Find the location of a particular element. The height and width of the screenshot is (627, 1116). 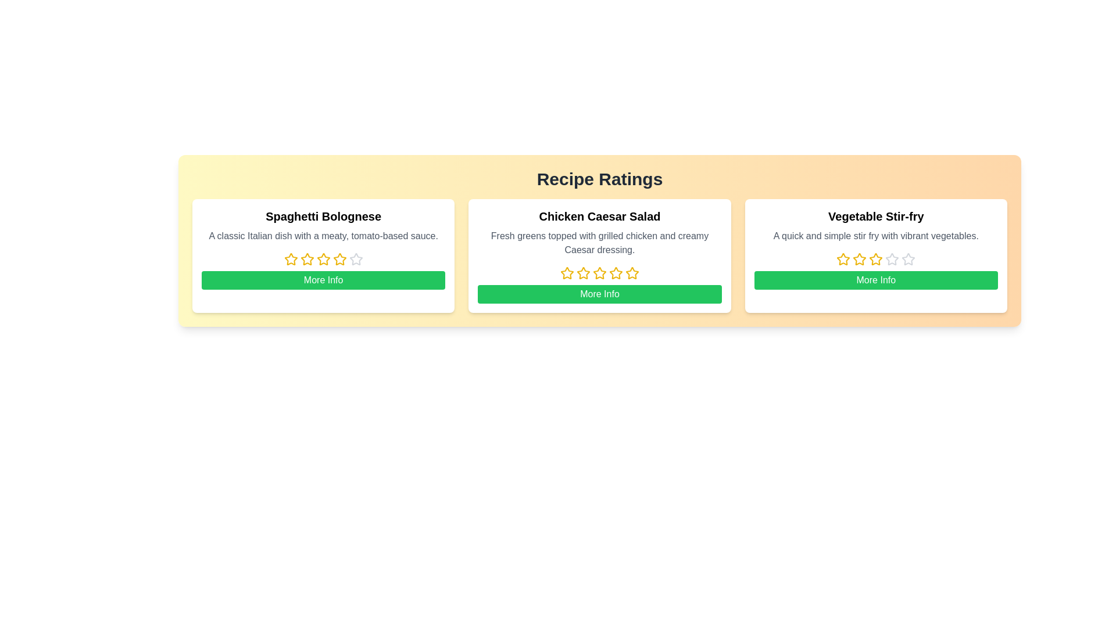

the 'More Info' button for the recipe identified by Vegetable Stir-fry is located at coordinates (876, 280).